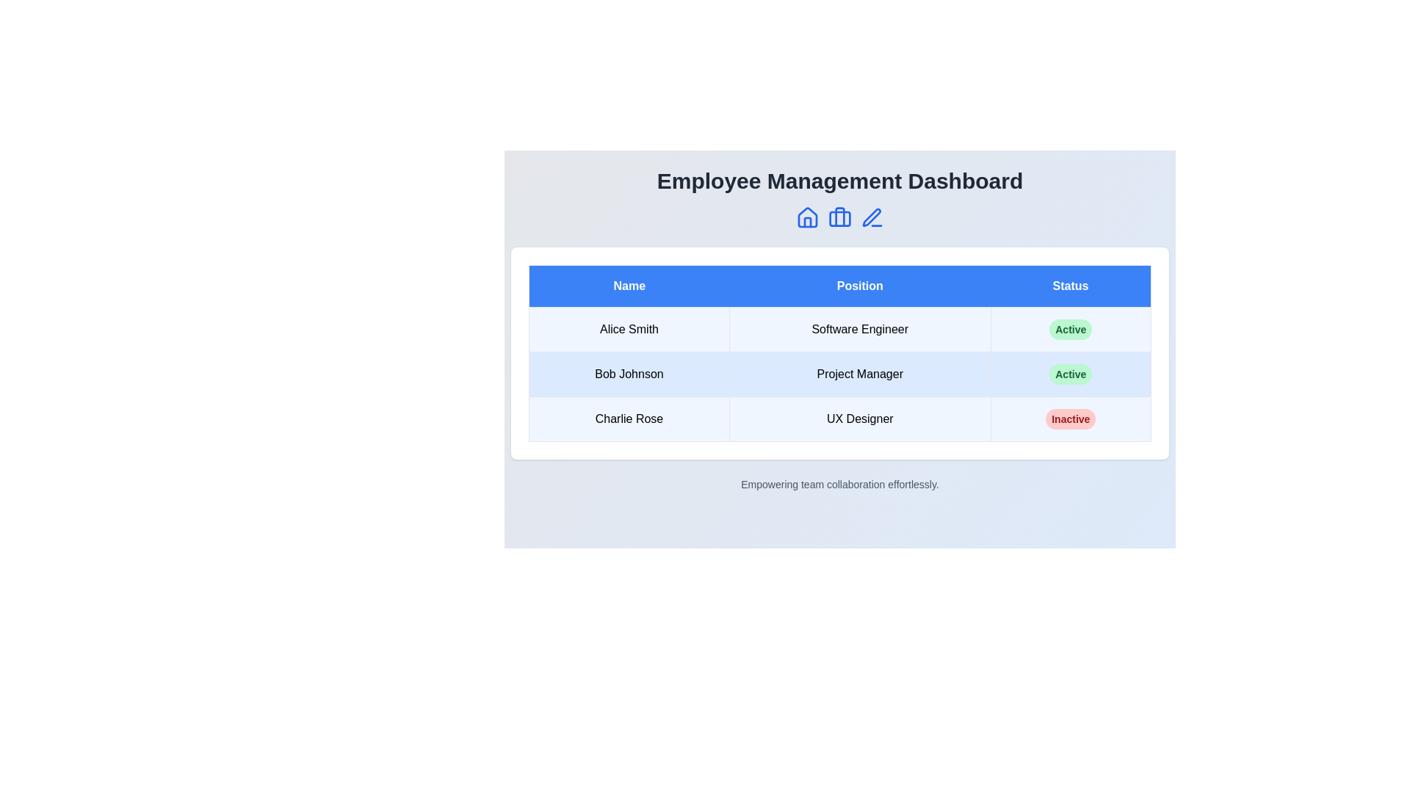 Image resolution: width=1410 pixels, height=793 pixels. I want to click on the second row of the table, which provides information about a specific individual, so click(839, 373).